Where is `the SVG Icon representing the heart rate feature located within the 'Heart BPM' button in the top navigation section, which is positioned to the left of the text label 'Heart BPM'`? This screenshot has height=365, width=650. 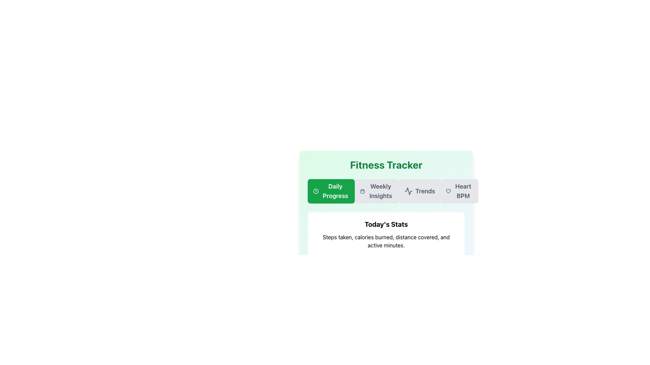
the SVG Icon representing the heart rate feature located within the 'Heart BPM' button in the top navigation section, which is positioned to the left of the text label 'Heart BPM' is located at coordinates (448, 191).